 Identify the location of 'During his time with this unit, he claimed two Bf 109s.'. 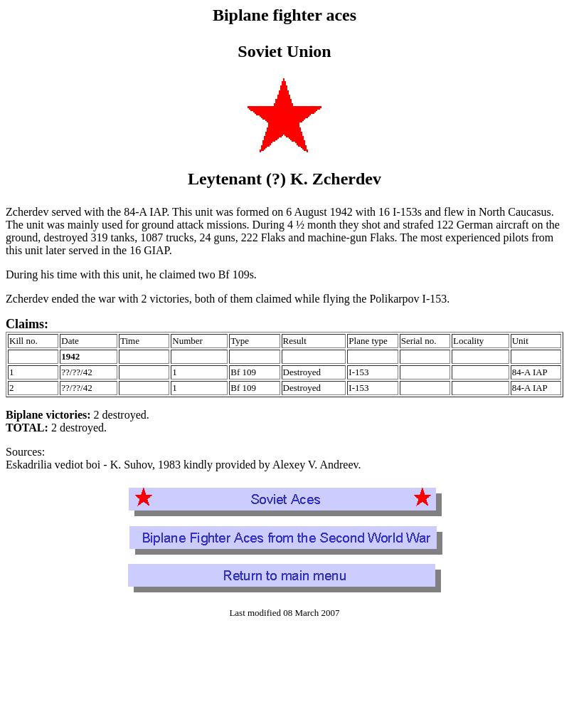
(6, 274).